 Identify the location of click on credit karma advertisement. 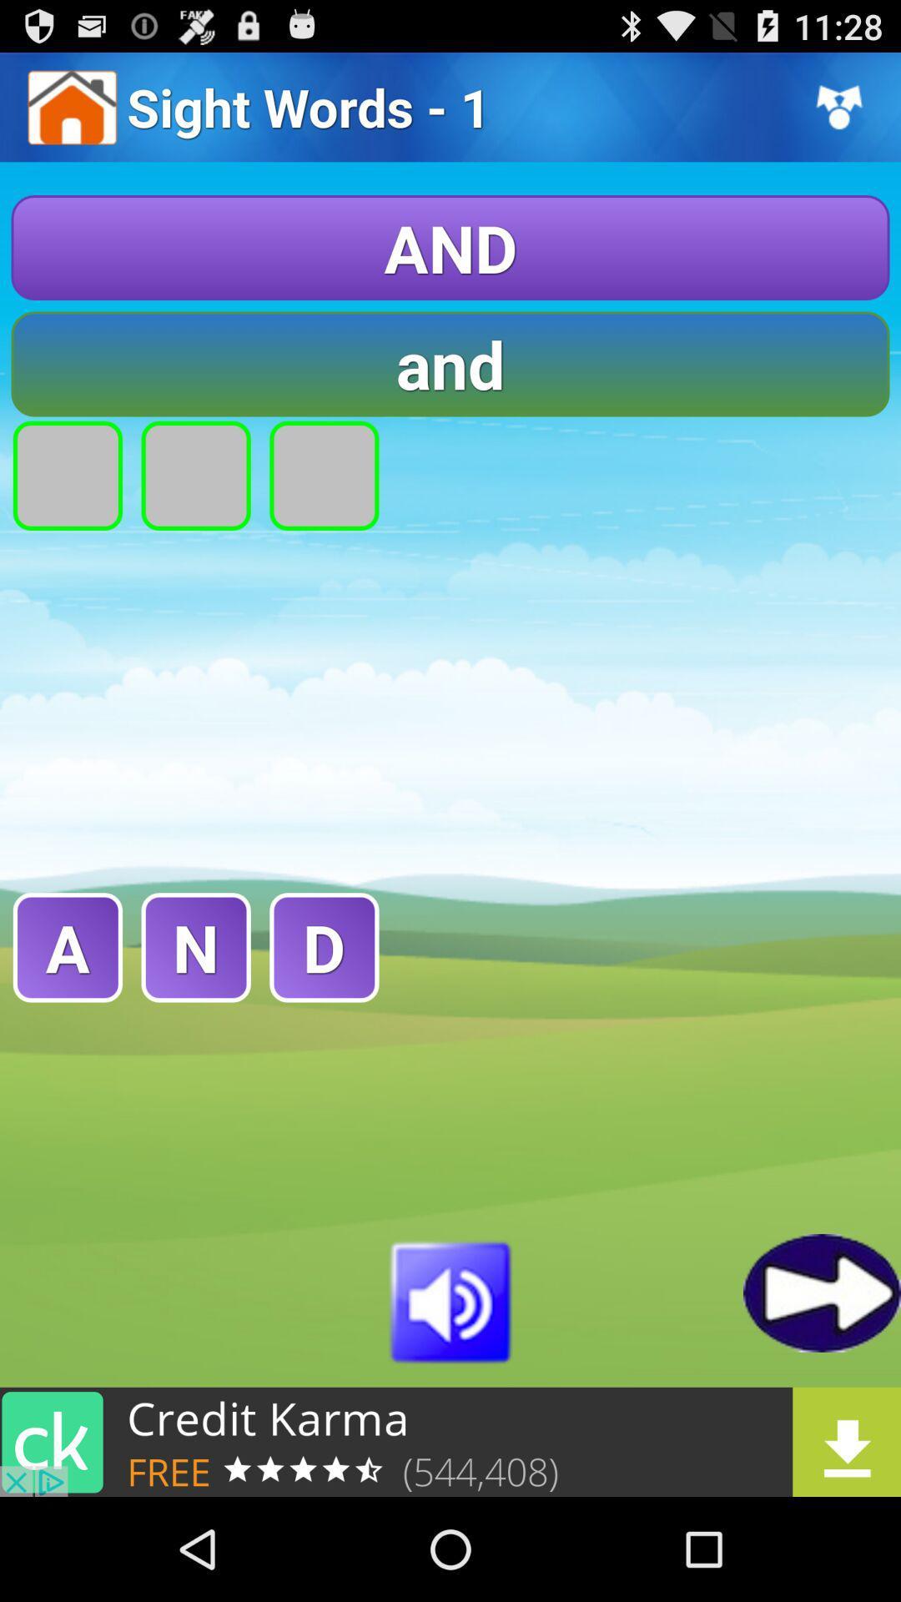
(450, 1441).